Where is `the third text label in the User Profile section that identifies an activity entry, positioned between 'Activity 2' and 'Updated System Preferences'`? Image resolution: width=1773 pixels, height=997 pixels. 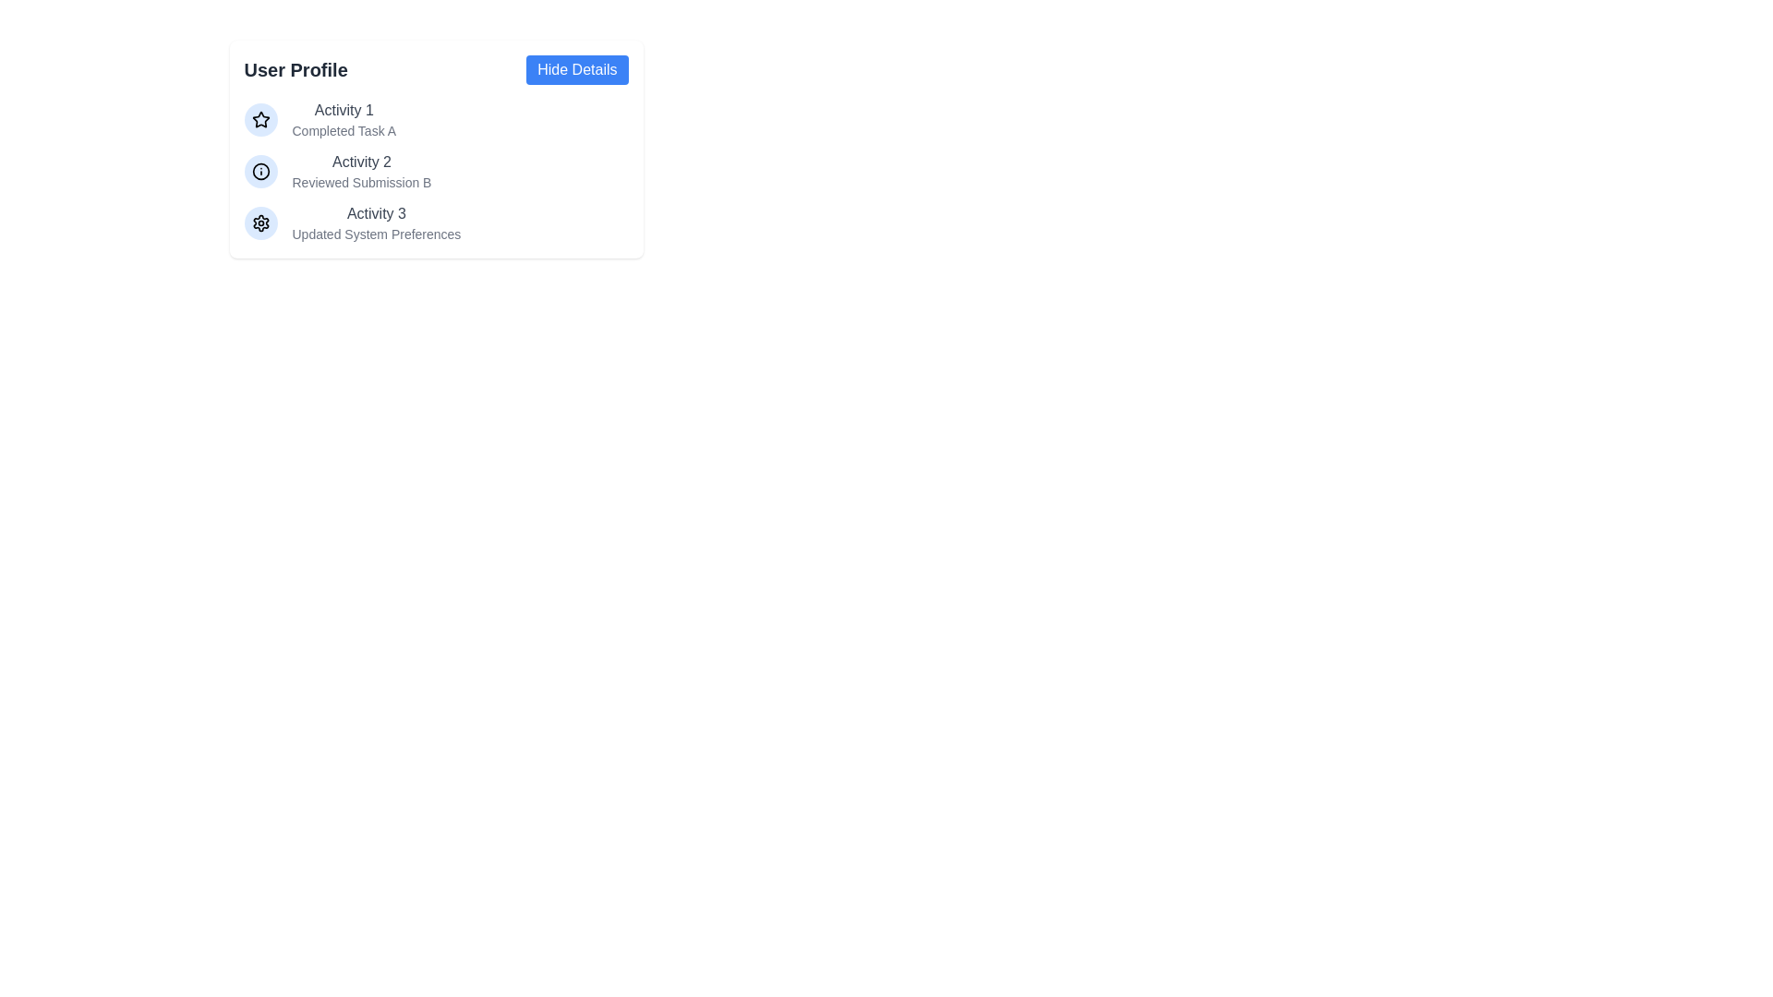 the third text label in the User Profile section that identifies an activity entry, positioned between 'Activity 2' and 'Updated System Preferences' is located at coordinates (376, 212).